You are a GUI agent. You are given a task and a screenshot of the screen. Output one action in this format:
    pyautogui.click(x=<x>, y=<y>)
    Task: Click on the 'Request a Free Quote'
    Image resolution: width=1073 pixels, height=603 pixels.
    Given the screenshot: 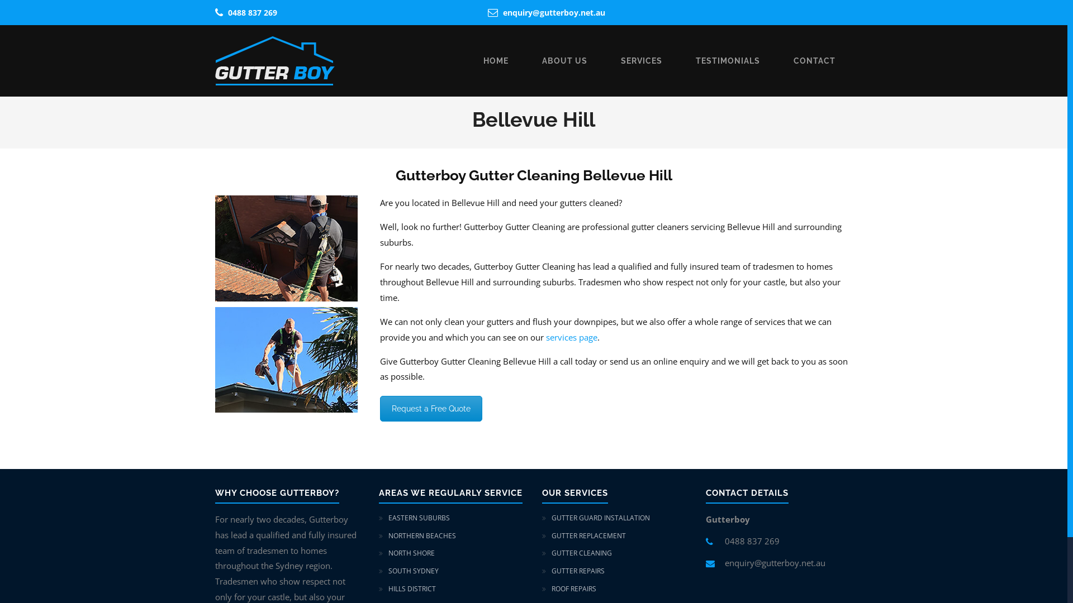 What is the action you would take?
    pyautogui.click(x=430, y=409)
    